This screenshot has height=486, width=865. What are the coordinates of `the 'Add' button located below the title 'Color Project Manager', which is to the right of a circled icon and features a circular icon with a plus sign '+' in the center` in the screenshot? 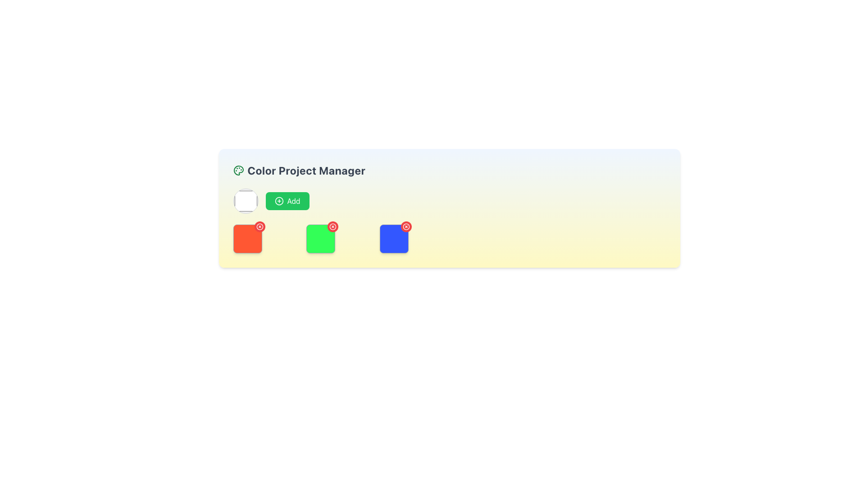 It's located at (278, 201).